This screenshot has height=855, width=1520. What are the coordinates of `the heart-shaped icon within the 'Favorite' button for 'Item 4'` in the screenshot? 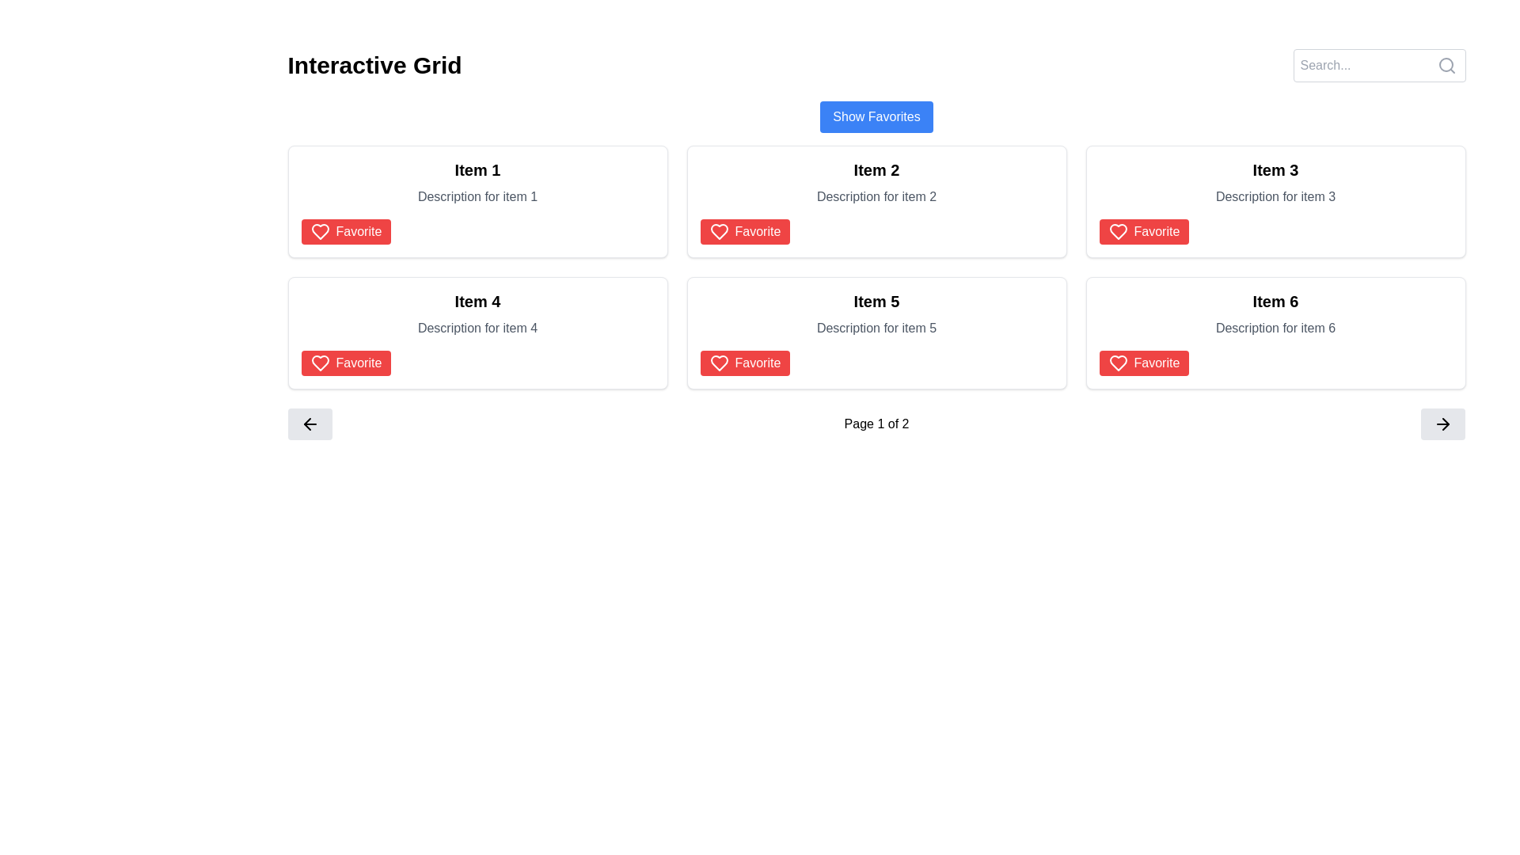 It's located at (319, 232).